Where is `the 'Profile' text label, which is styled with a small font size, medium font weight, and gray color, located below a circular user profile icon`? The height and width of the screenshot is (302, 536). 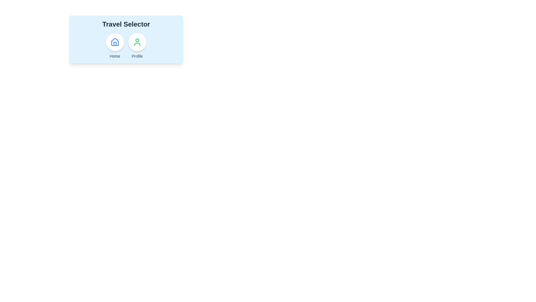 the 'Profile' text label, which is styled with a small font size, medium font weight, and gray color, located below a circular user profile icon is located at coordinates (137, 56).